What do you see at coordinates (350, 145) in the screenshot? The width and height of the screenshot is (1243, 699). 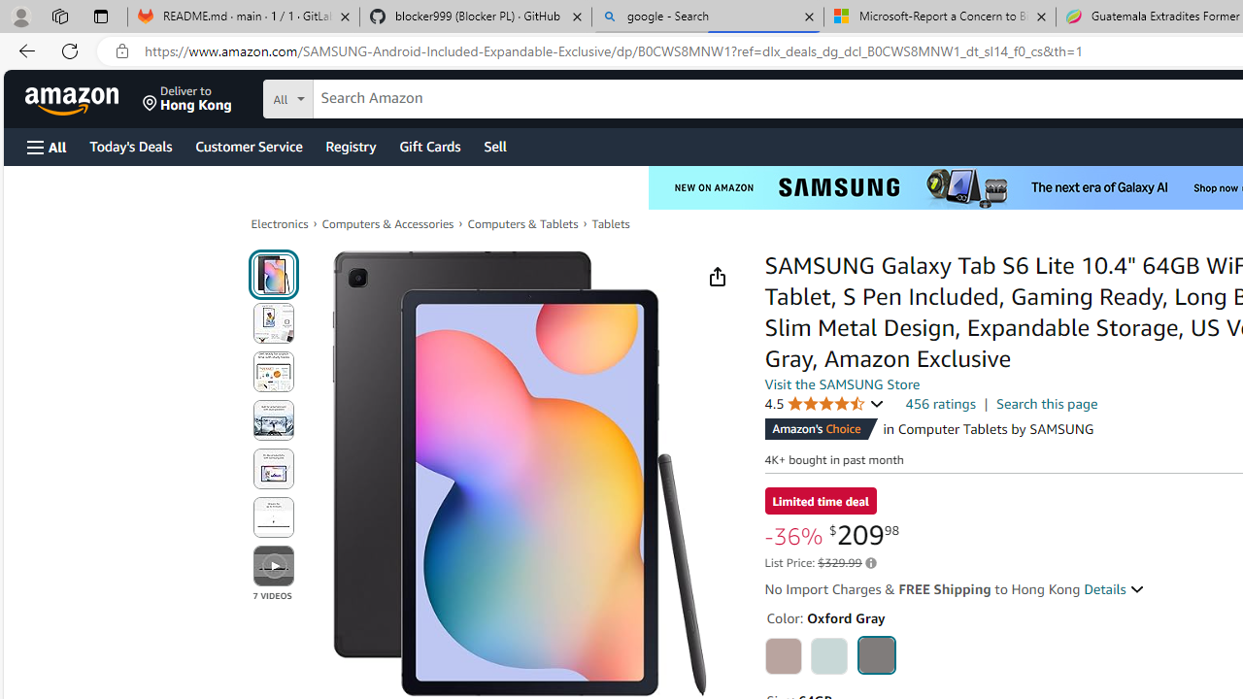 I see `'Registry'` at bounding box center [350, 145].